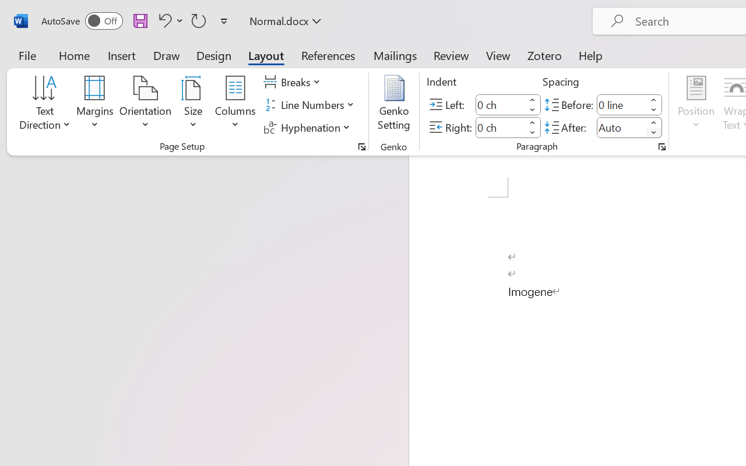 This screenshot has height=466, width=746. What do you see at coordinates (193, 104) in the screenshot?
I see `'Size'` at bounding box center [193, 104].